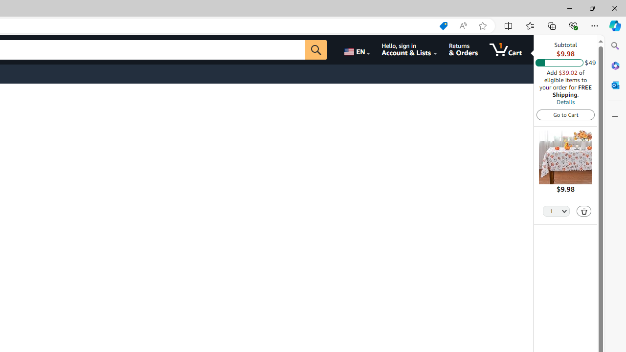 The height and width of the screenshot is (352, 626). What do you see at coordinates (565, 114) in the screenshot?
I see `'Go to Cart'` at bounding box center [565, 114].